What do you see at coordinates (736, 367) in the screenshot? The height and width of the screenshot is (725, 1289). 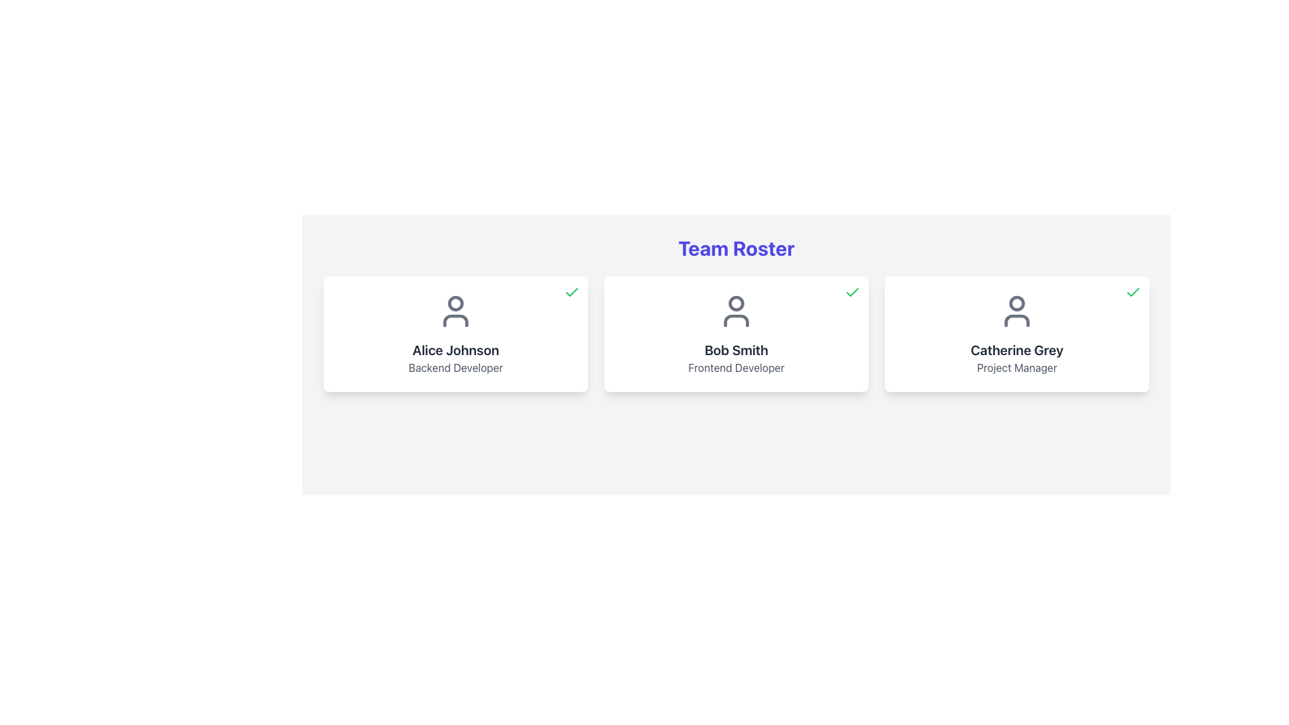 I see `the text label displaying the job title 'Frontend Developer' for 'Bob Smith', located in the bottom center of the card` at bounding box center [736, 367].